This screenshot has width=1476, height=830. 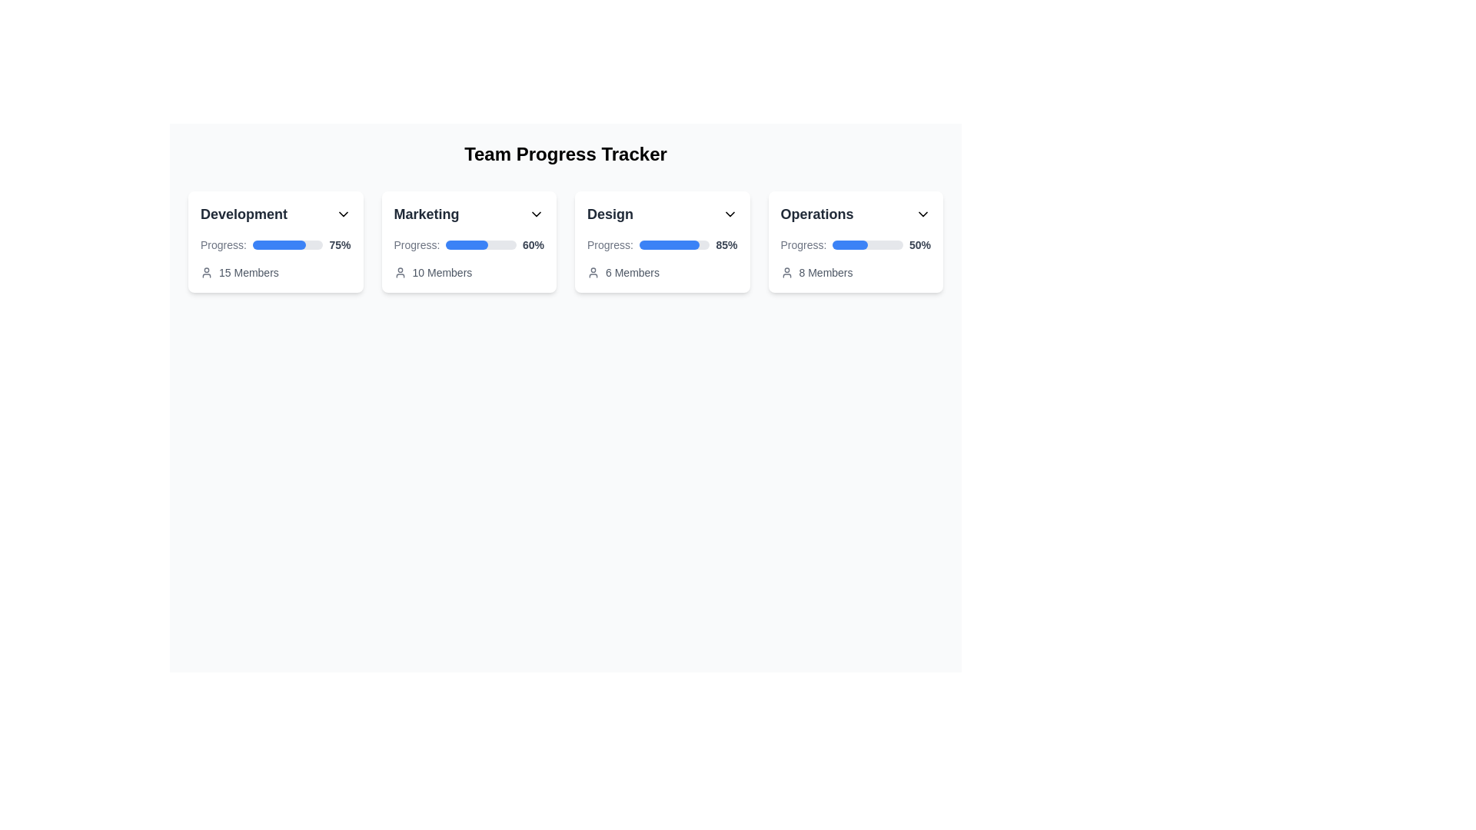 I want to click on the text label displaying 'Marketing', which is styled with a larger font size, bold weight, and dark gray color, located at the upper-left corner of the card section titled 'Marketing', so click(x=427, y=214).